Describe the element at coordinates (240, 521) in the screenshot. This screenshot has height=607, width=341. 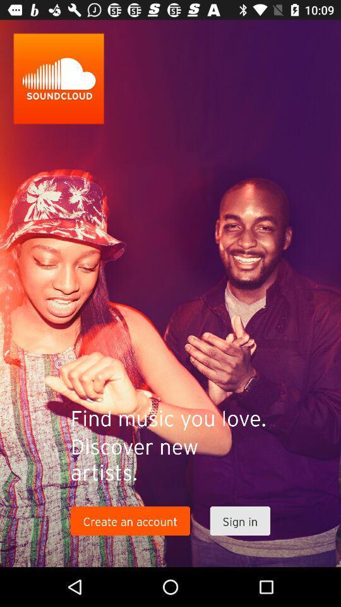
I see `sign in icon` at that location.